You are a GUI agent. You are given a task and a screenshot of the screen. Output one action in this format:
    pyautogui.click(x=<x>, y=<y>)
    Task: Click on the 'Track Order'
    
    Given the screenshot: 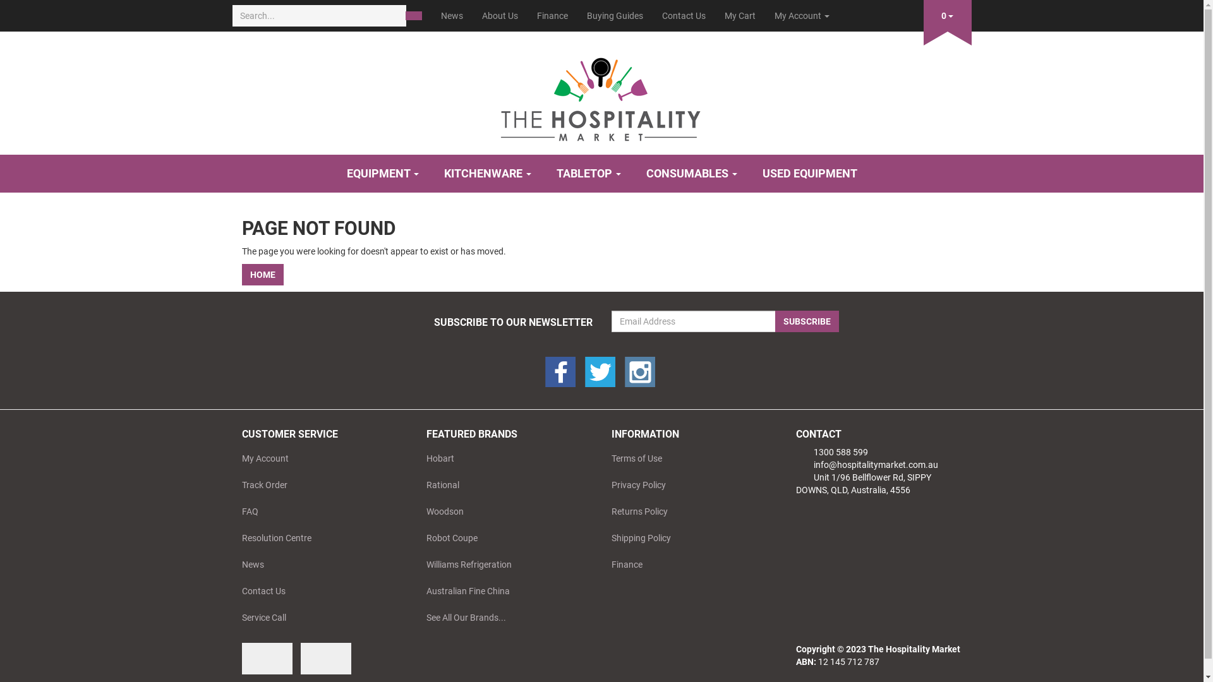 What is the action you would take?
    pyautogui.click(x=232, y=484)
    